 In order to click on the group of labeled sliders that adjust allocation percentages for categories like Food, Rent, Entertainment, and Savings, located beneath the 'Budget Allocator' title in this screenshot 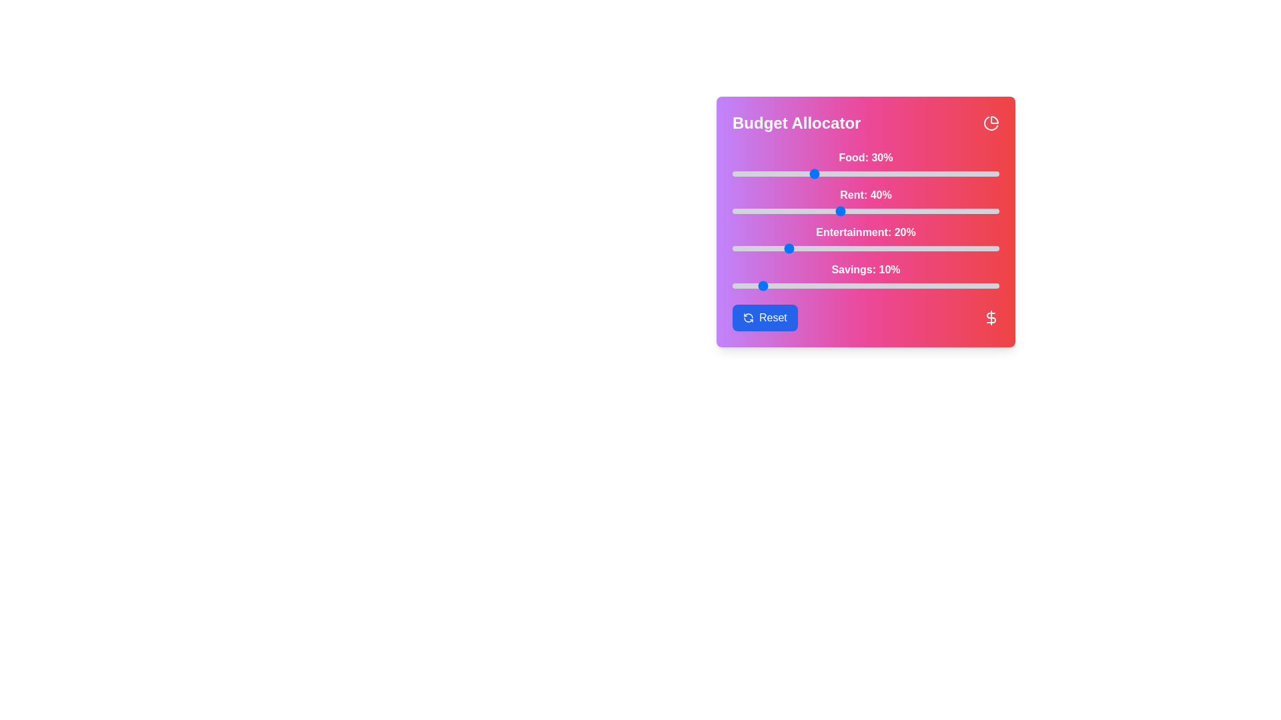, I will do `click(865, 218)`.